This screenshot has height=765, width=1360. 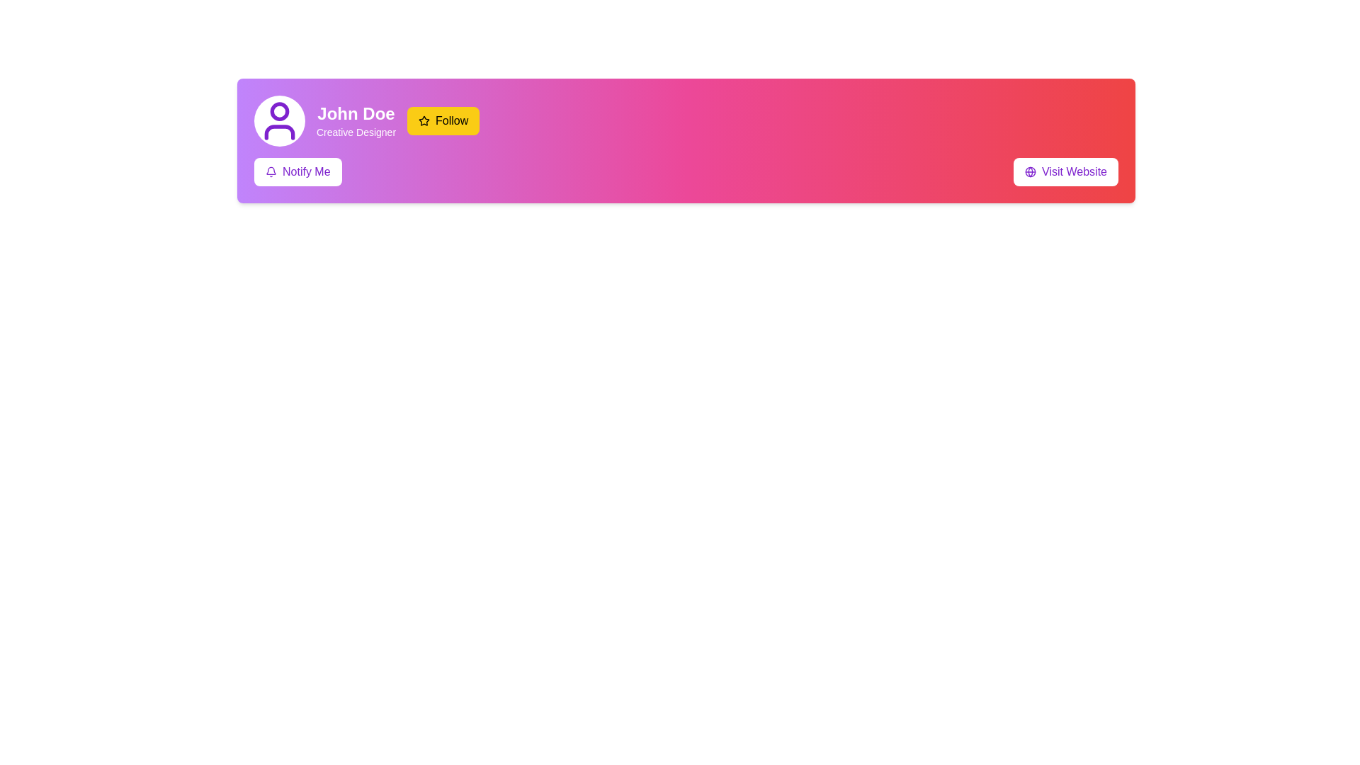 What do you see at coordinates (1066, 171) in the screenshot?
I see `the white rectangular button with rounded corners that has purple text reading 'Visit Website' and a globe icon on its left to visit the website` at bounding box center [1066, 171].